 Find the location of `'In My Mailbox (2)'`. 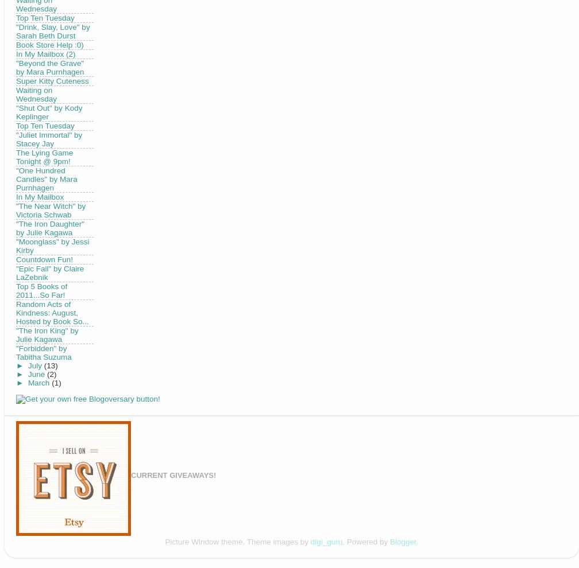

'In My Mailbox (2)' is located at coordinates (45, 53).